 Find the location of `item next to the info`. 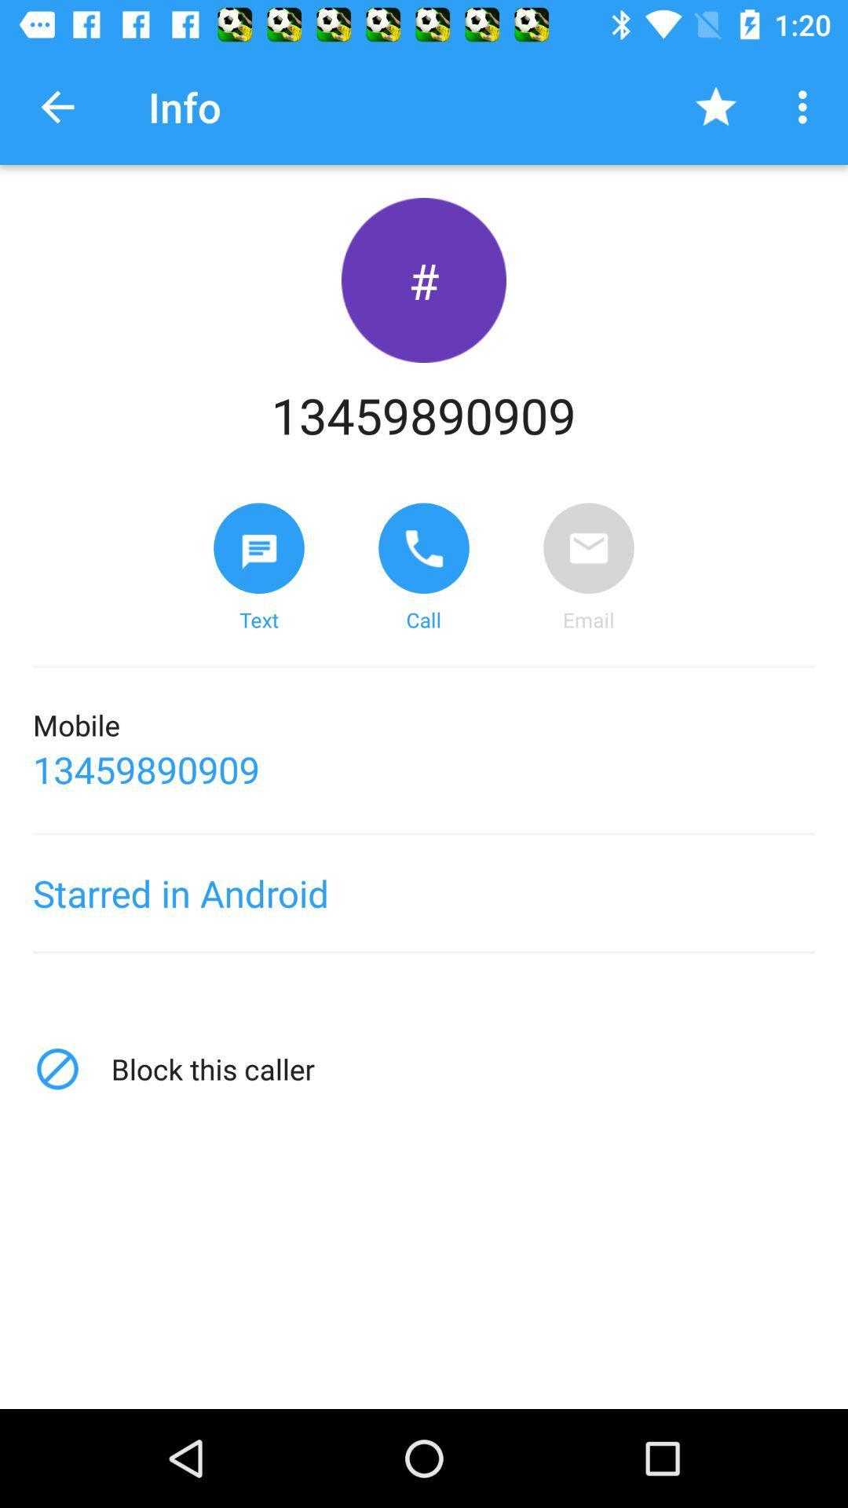

item next to the info is located at coordinates (715, 106).